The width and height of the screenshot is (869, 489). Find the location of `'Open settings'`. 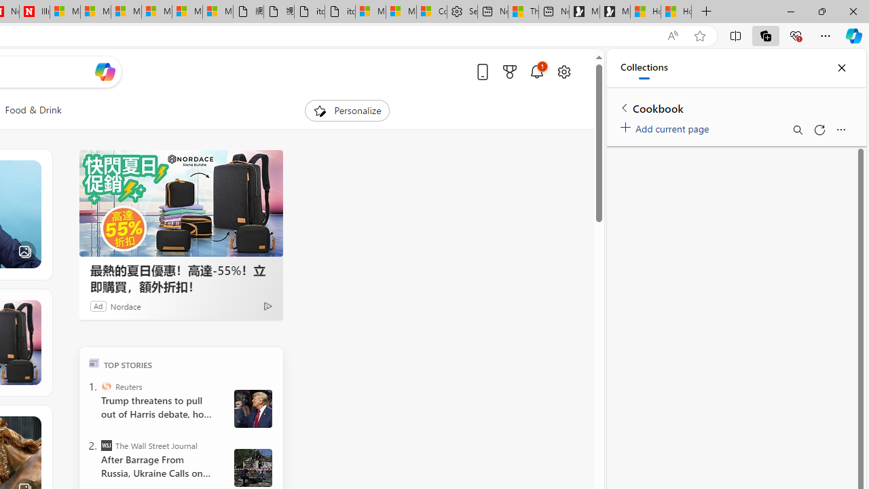

'Open settings' is located at coordinates (563, 71).